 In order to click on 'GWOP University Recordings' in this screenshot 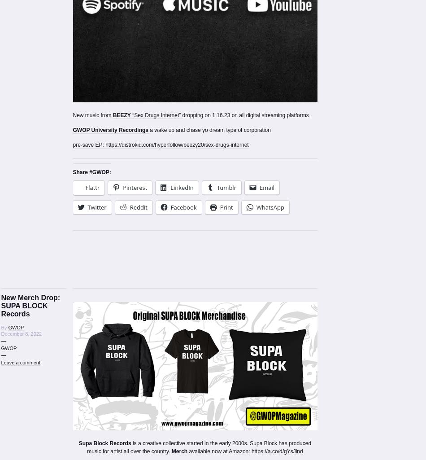, I will do `click(111, 130)`.